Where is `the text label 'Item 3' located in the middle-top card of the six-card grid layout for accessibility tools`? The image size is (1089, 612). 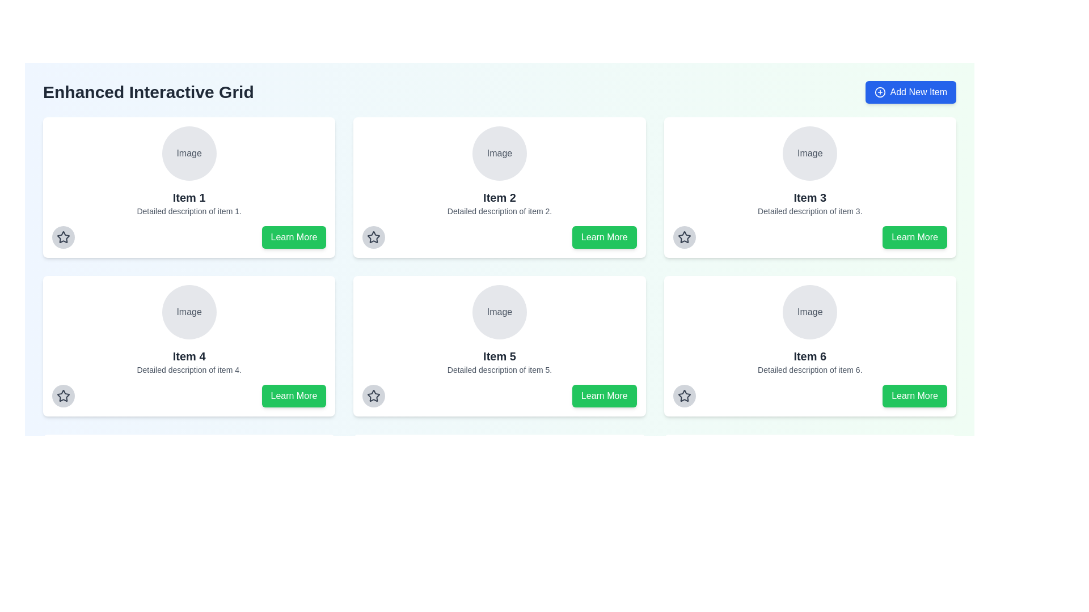
the text label 'Item 3' located in the middle-top card of the six-card grid layout for accessibility tools is located at coordinates (809, 197).